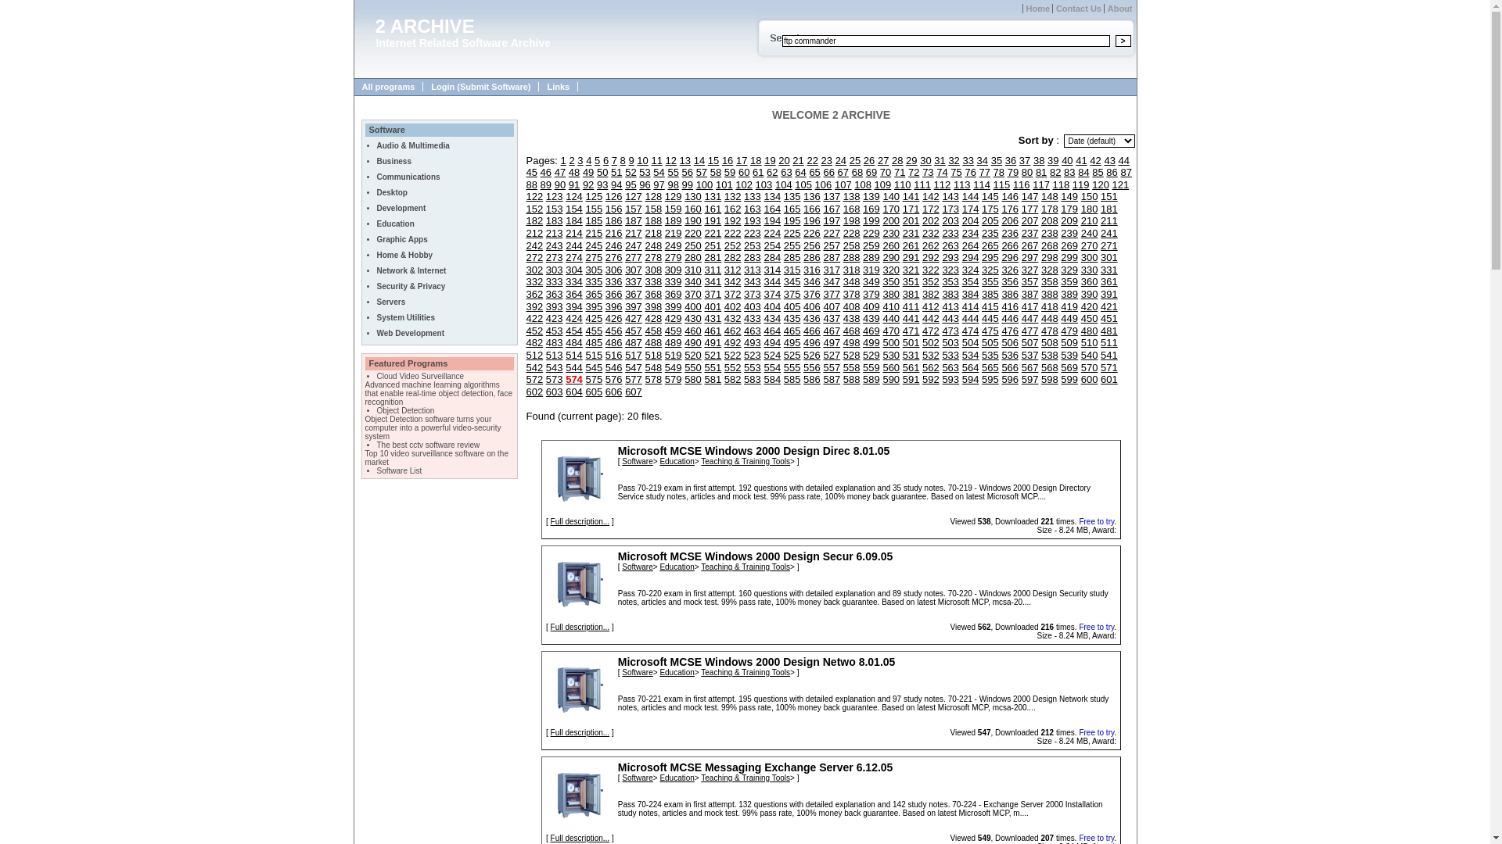  What do you see at coordinates (742, 306) in the screenshot?
I see `'403'` at bounding box center [742, 306].